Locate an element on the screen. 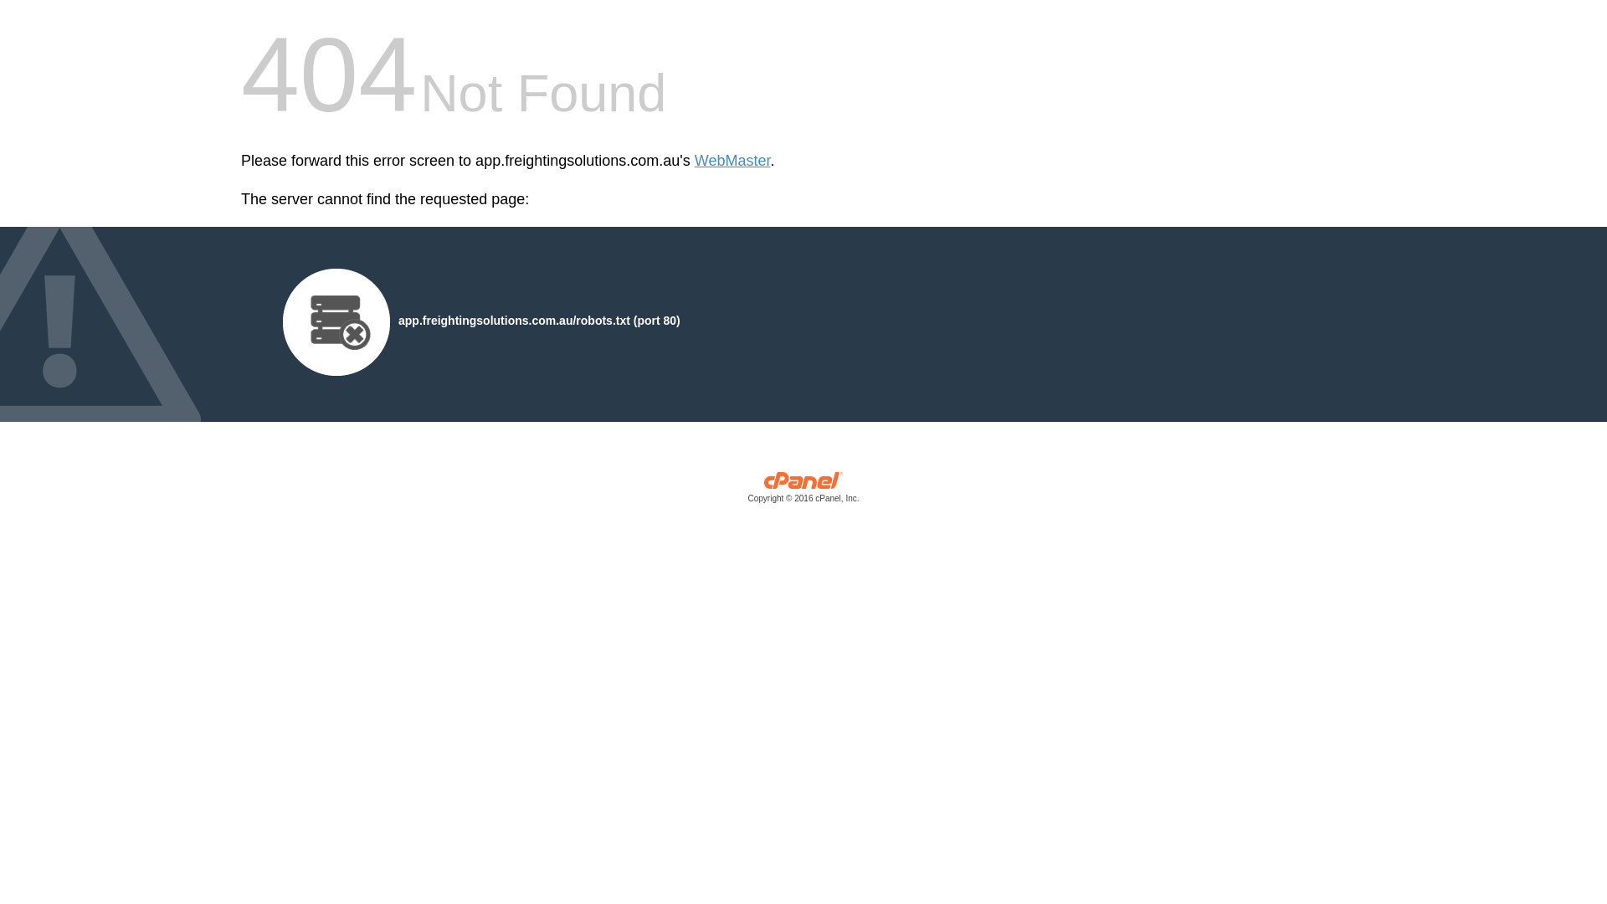 The height and width of the screenshot is (904, 1607). 'WebMaster' is located at coordinates (695, 161).